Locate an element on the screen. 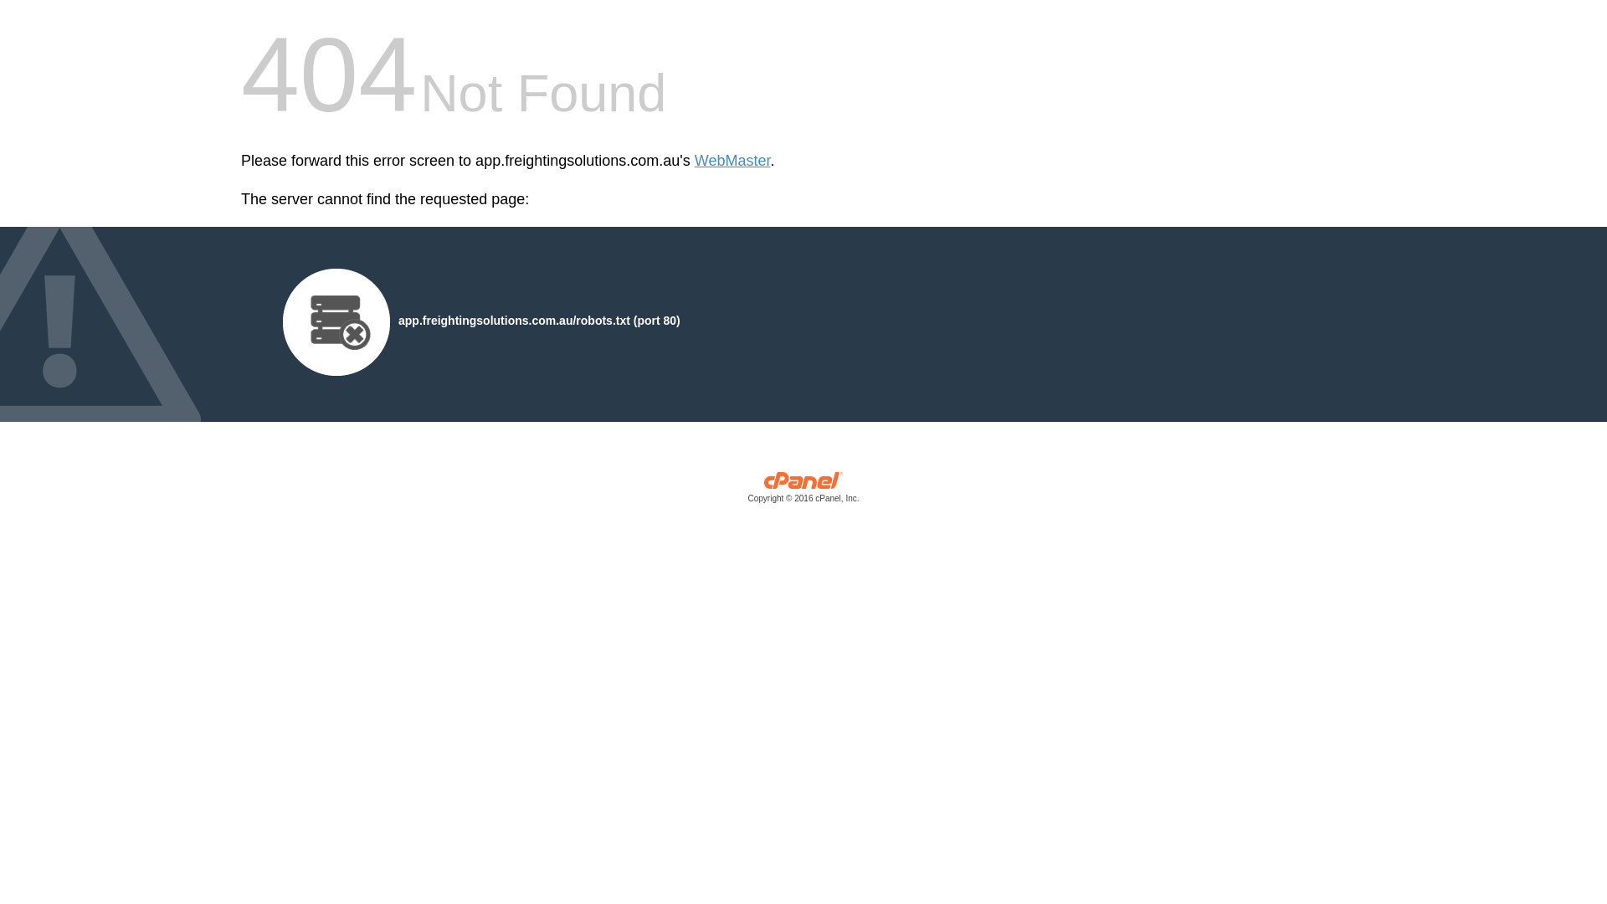 The height and width of the screenshot is (904, 1607). 'WebMaster' is located at coordinates (695, 161).